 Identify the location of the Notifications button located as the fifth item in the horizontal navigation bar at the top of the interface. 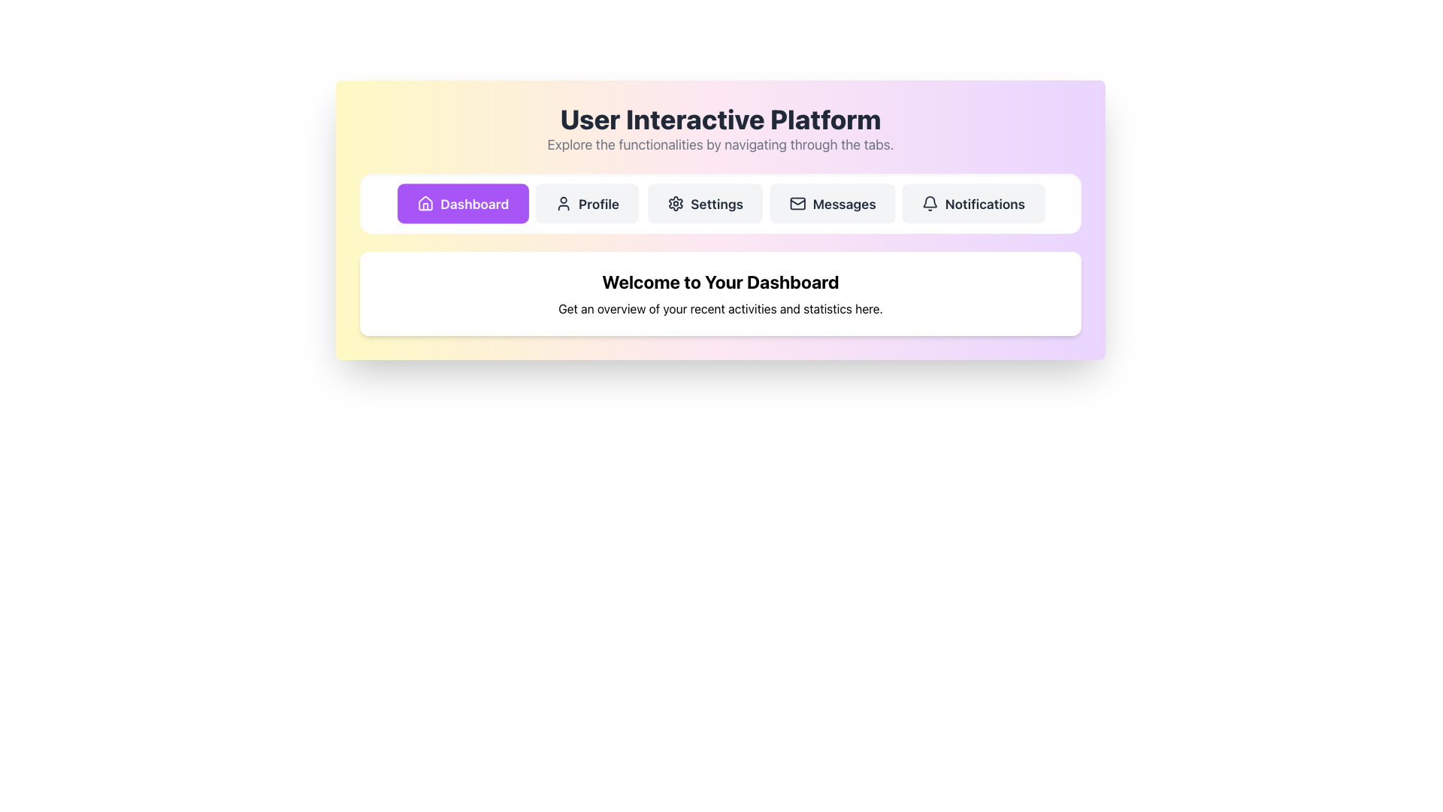
(973, 203).